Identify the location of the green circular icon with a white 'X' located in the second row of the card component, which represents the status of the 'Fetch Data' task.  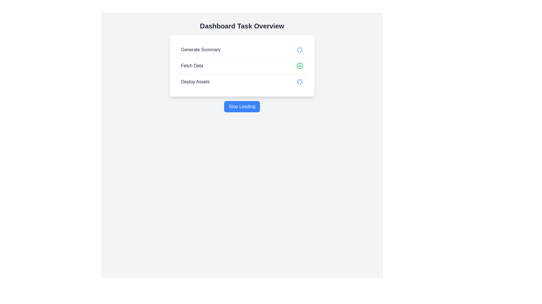
(242, 66).